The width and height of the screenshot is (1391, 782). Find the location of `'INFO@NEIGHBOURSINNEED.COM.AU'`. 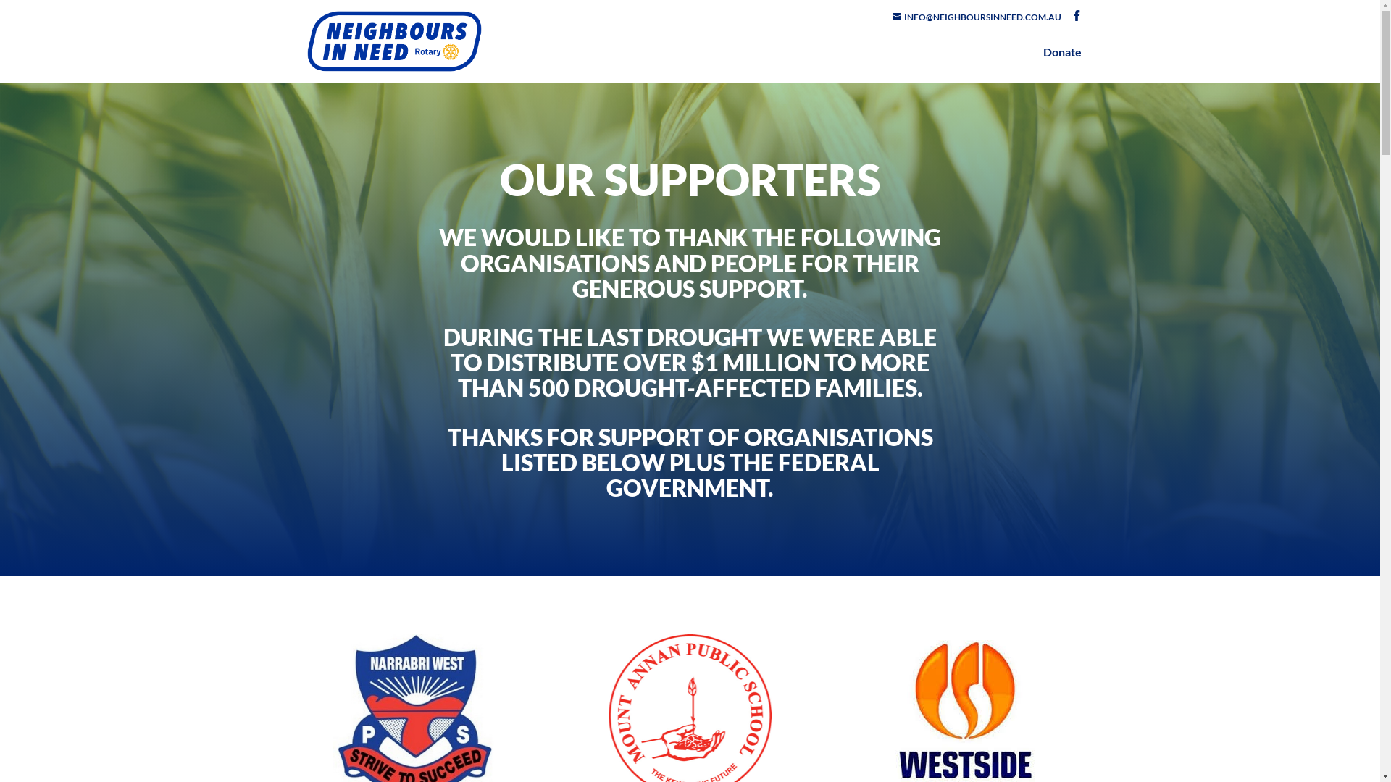

'INFO@NEIGHBOURSINNEED.COM.AU' is located at coordinates (892, 17).